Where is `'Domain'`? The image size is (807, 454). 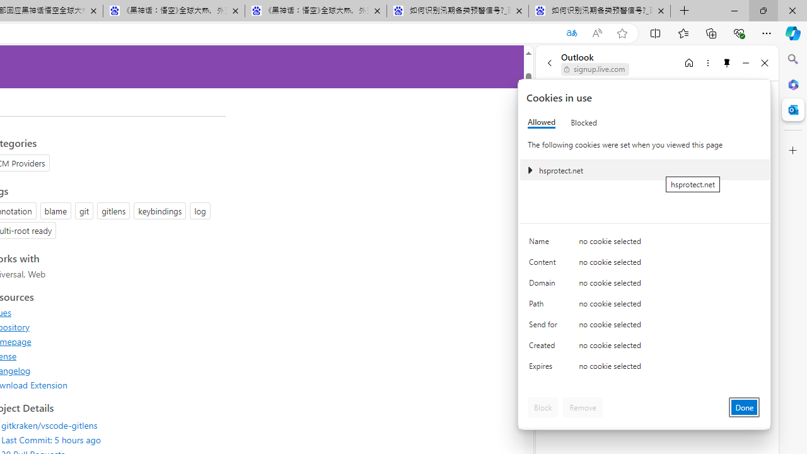
'Domain' is located at coordinates (545, 286).